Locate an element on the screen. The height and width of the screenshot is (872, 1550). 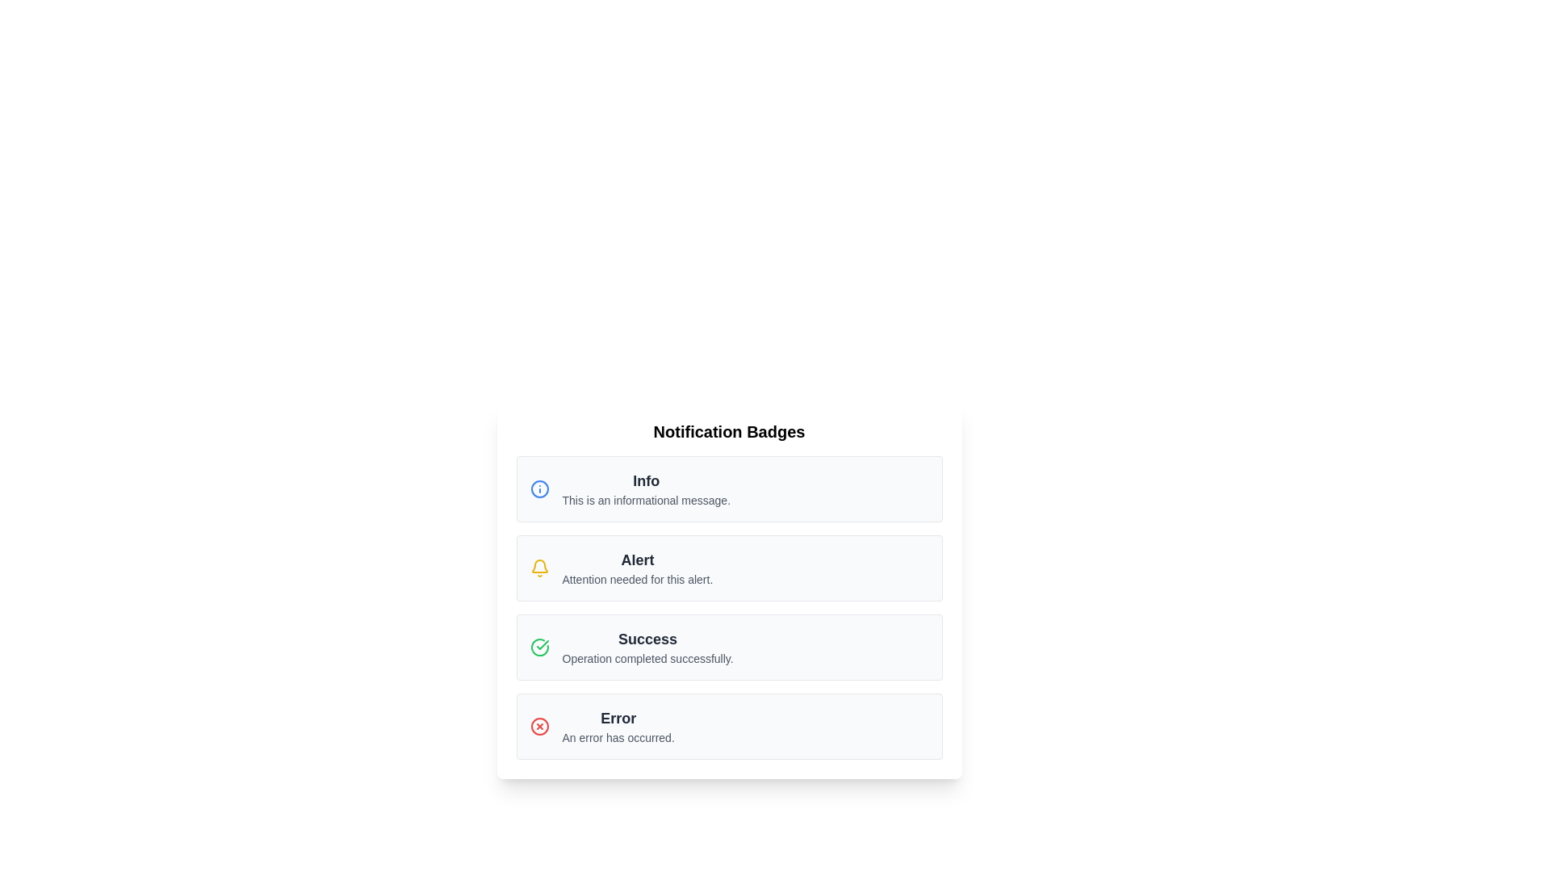
the error icon located within the error notification card in the 'Notification Badges' section, positioned to the left of the text 'Error' and 'An error has occurred.' is located at coordinates (539, 725).